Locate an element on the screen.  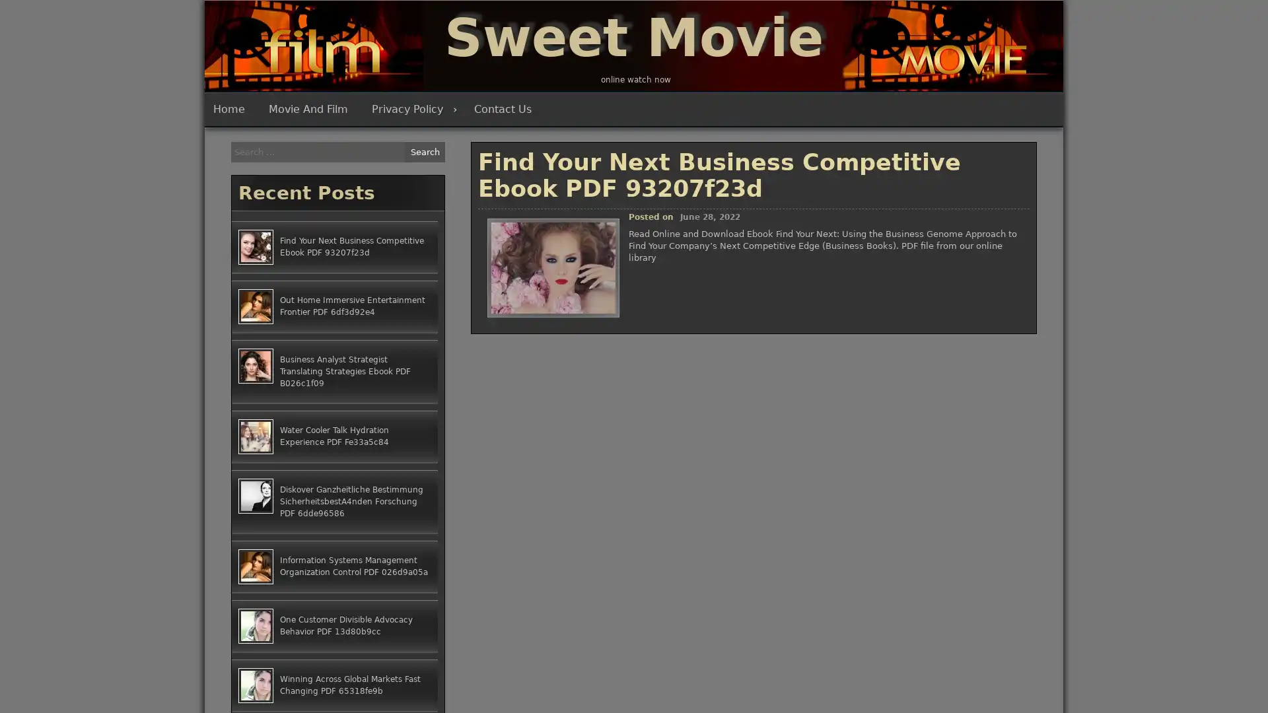
Search is located at coordinates (425, 151).